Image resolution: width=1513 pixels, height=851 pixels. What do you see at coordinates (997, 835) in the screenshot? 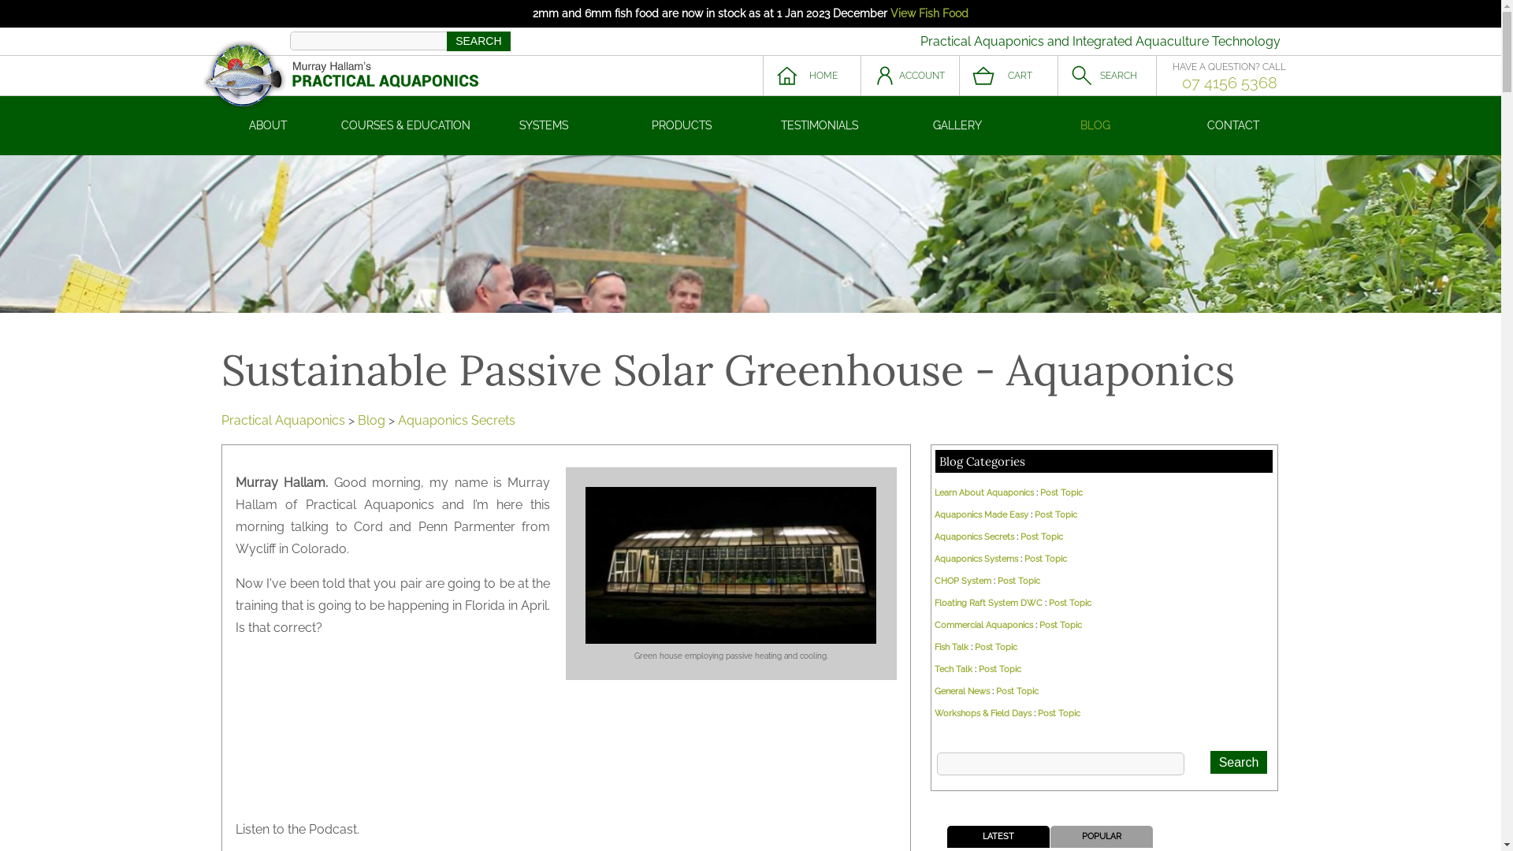
I see `'LATEST'` at bounding box center [997, 835].